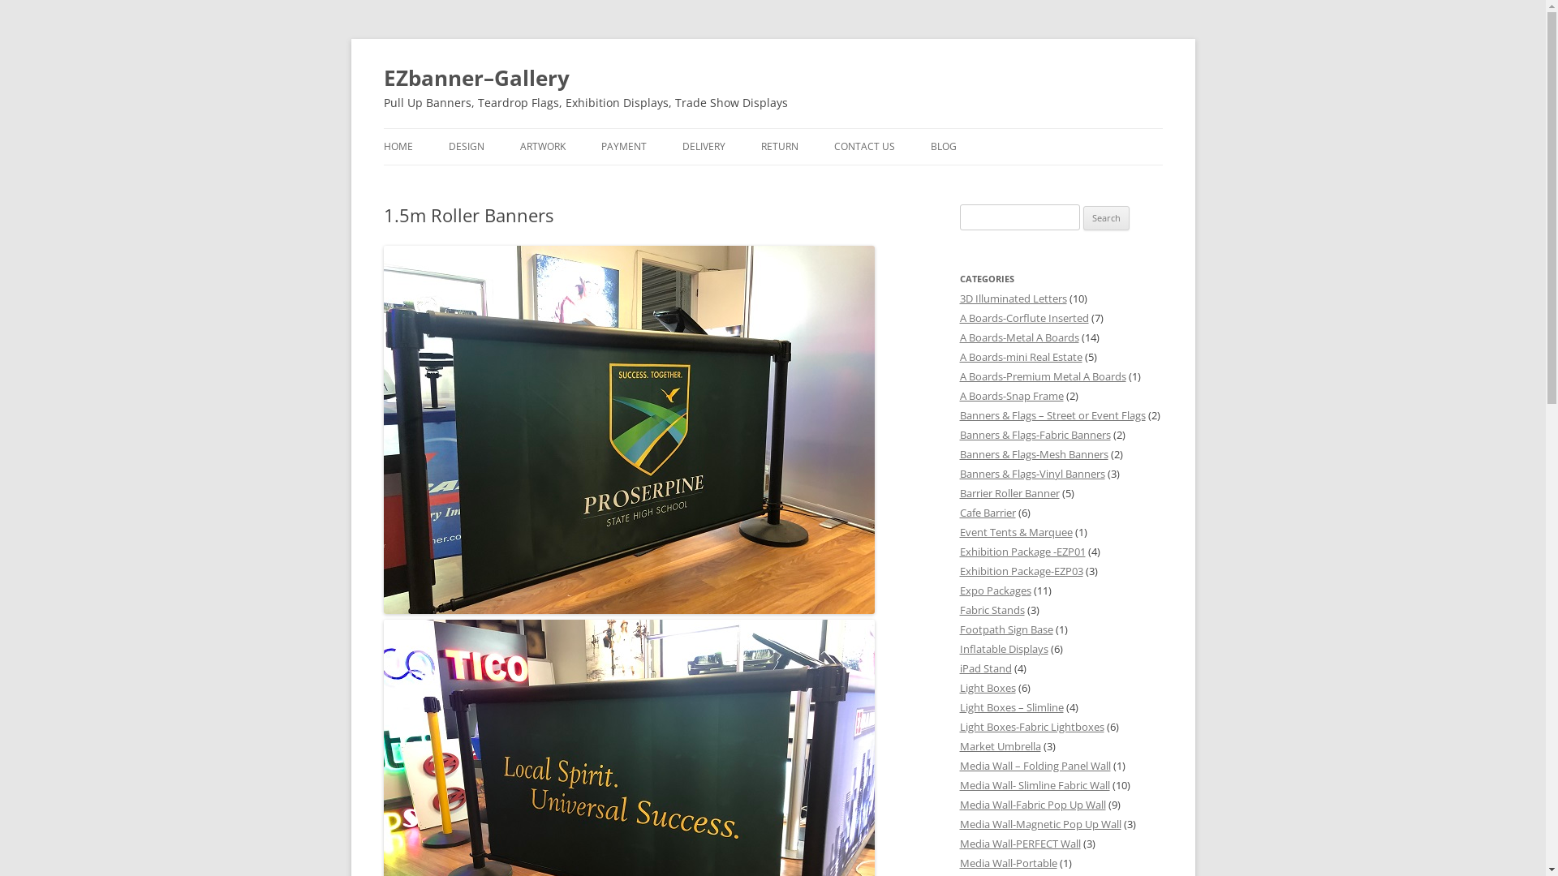  What do you see at coordinates (958, 590) in the screenshot?
I see `'Expo Packages'` at bounding box center [958, 590].